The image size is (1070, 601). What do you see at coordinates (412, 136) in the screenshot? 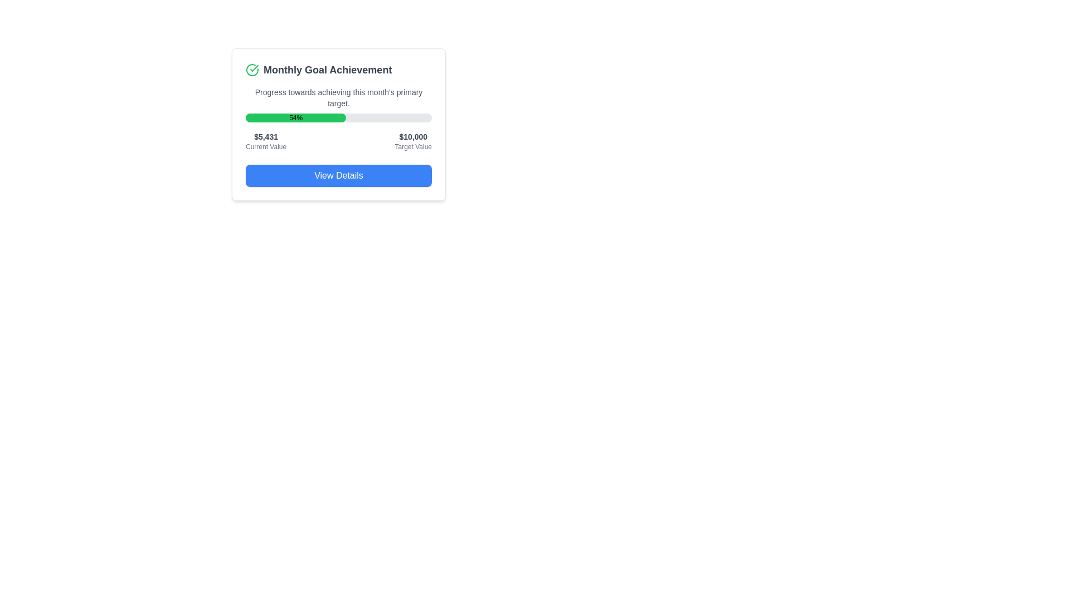
I see `the text label displaying the target financial value in the progress tracking interface, which is positioned above the 'Target Value' label` at bounding box center [412, 136].